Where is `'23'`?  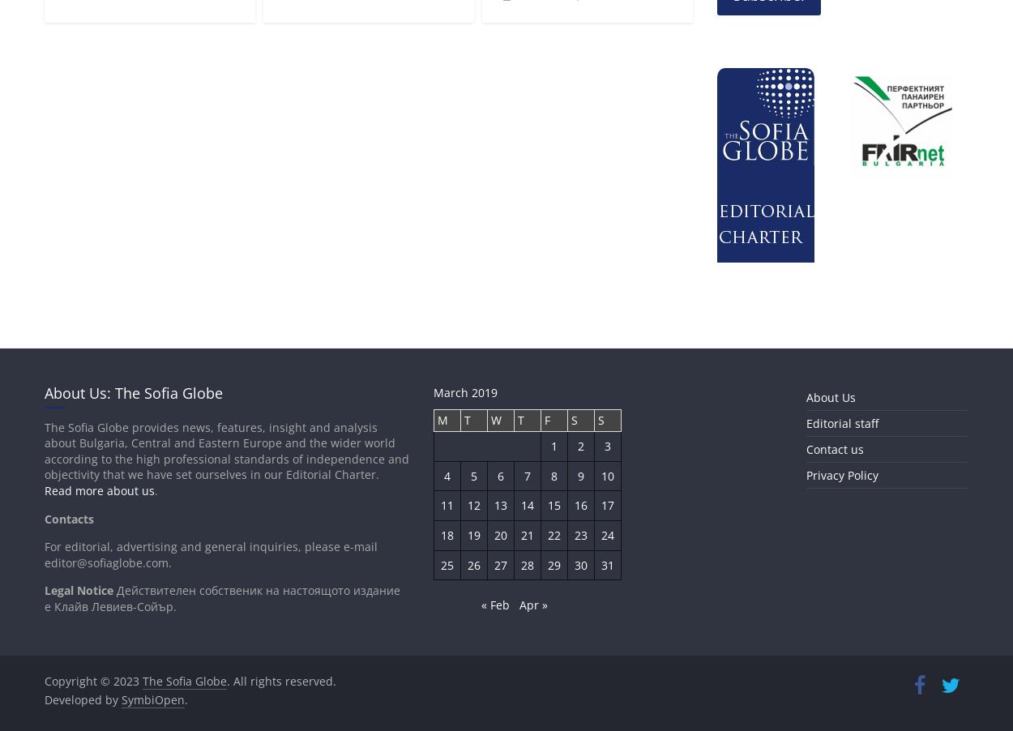
'23' is located at coordinates (574, 533).